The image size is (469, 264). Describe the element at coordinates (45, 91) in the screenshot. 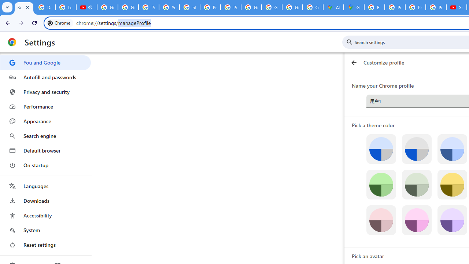

I see `'Privacy and security'` at that location.